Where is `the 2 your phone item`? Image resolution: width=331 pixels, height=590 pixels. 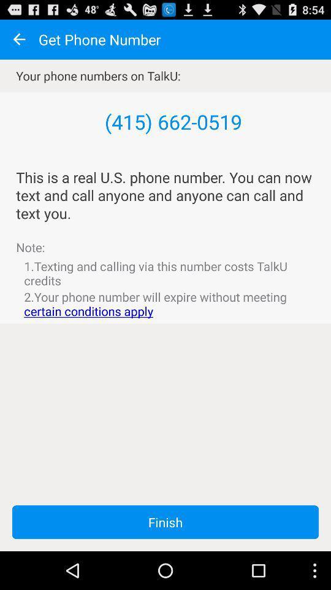
the 2 your phone item is located at coordinates (165, 303).